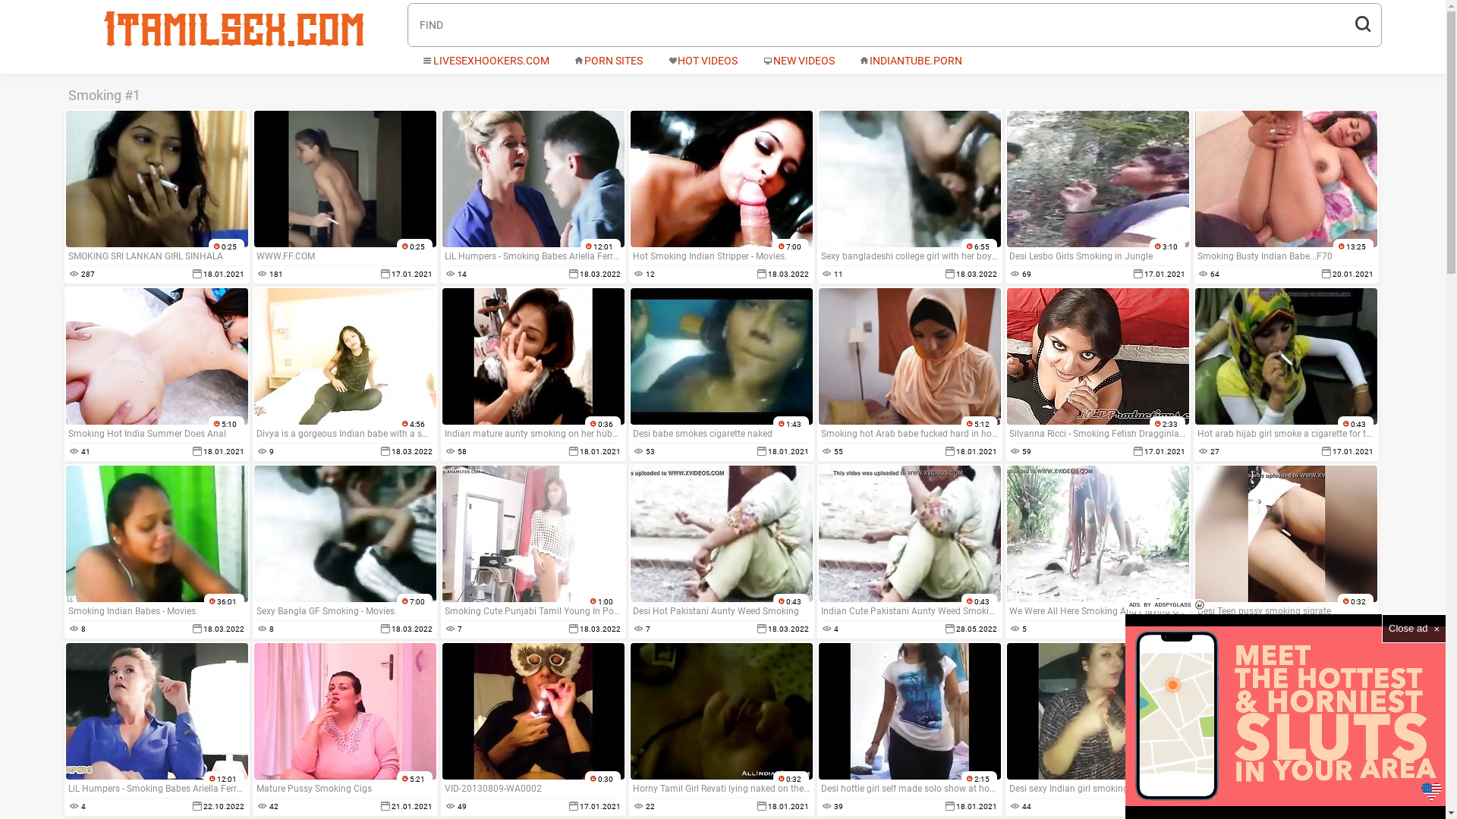 The height and width of the screenshot is (819, 1457). Describe the element at coordinates (156, 374) in the screenshot. I see `'5:10` at that location.